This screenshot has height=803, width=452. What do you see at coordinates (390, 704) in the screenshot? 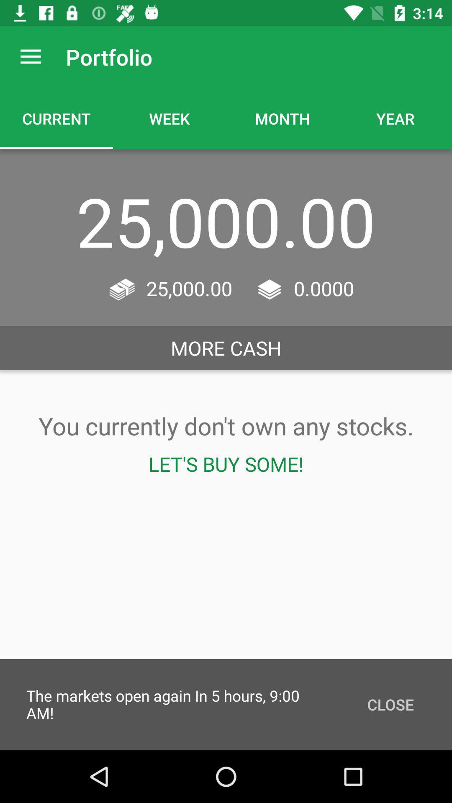
I see `icon next to the the markets open` at bounding box center [390, 704].